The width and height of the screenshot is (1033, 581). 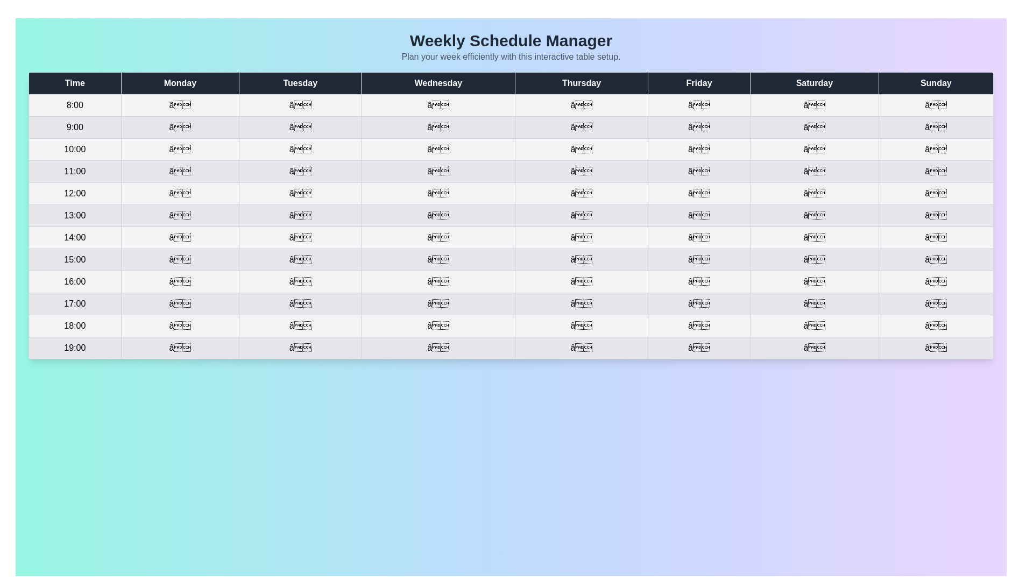 I want to click on the header cell labeled Time to sort by that column, so click(x=74, y=82).